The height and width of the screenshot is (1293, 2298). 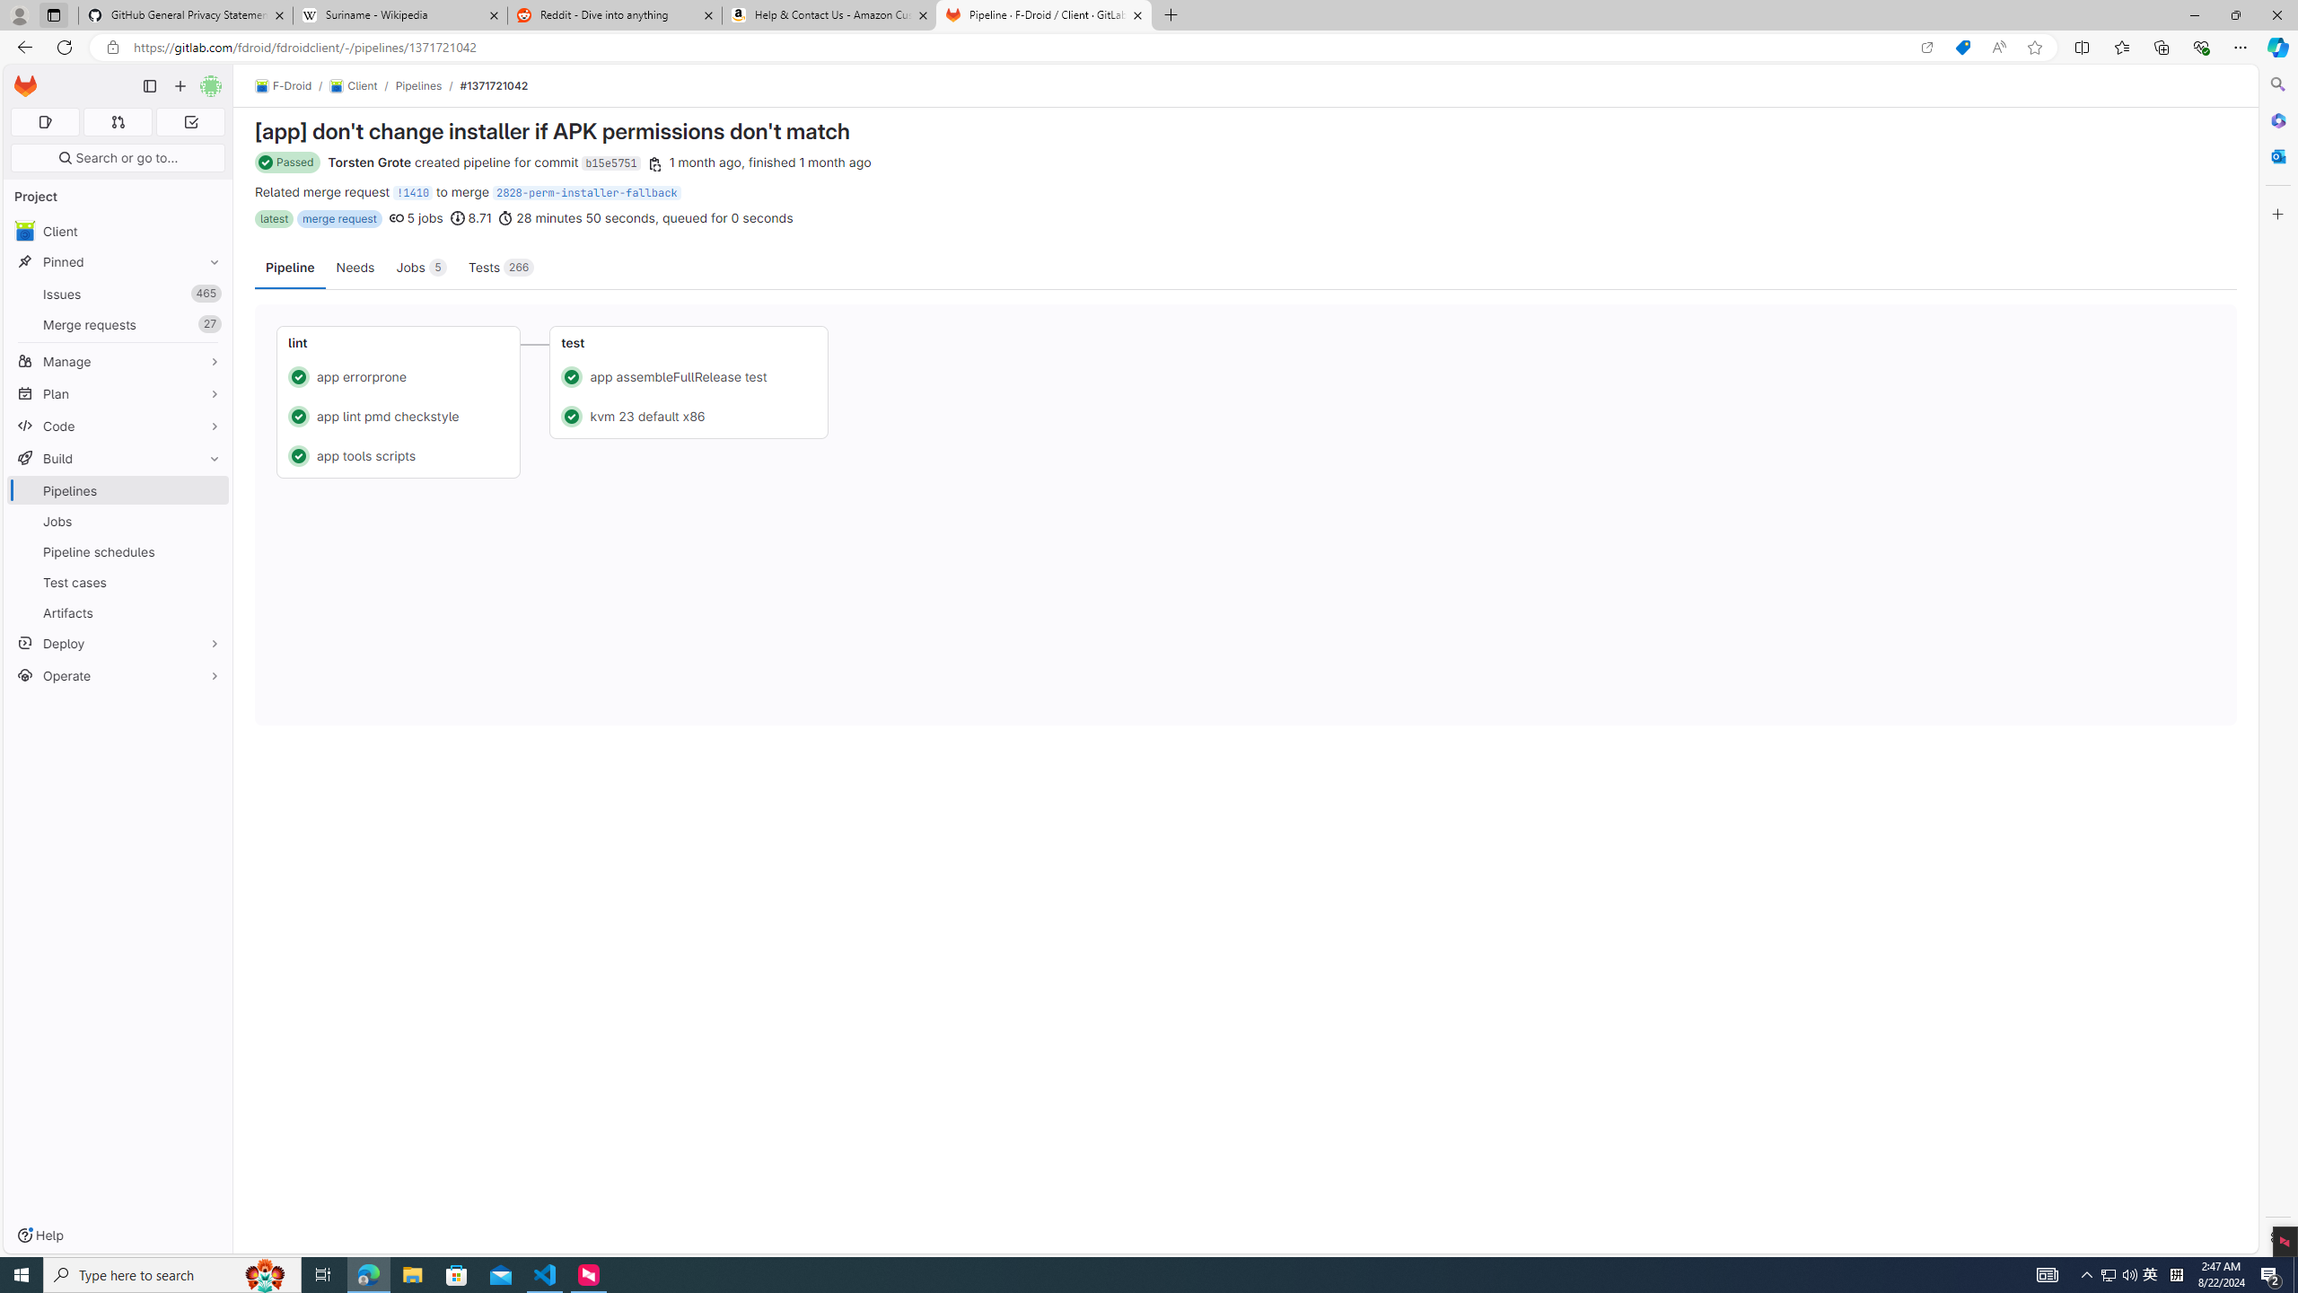 What do you see at coordinates (189, 121) in the screenshot?
I see `'To-Do list 0'` at bounding box center [189, 121].